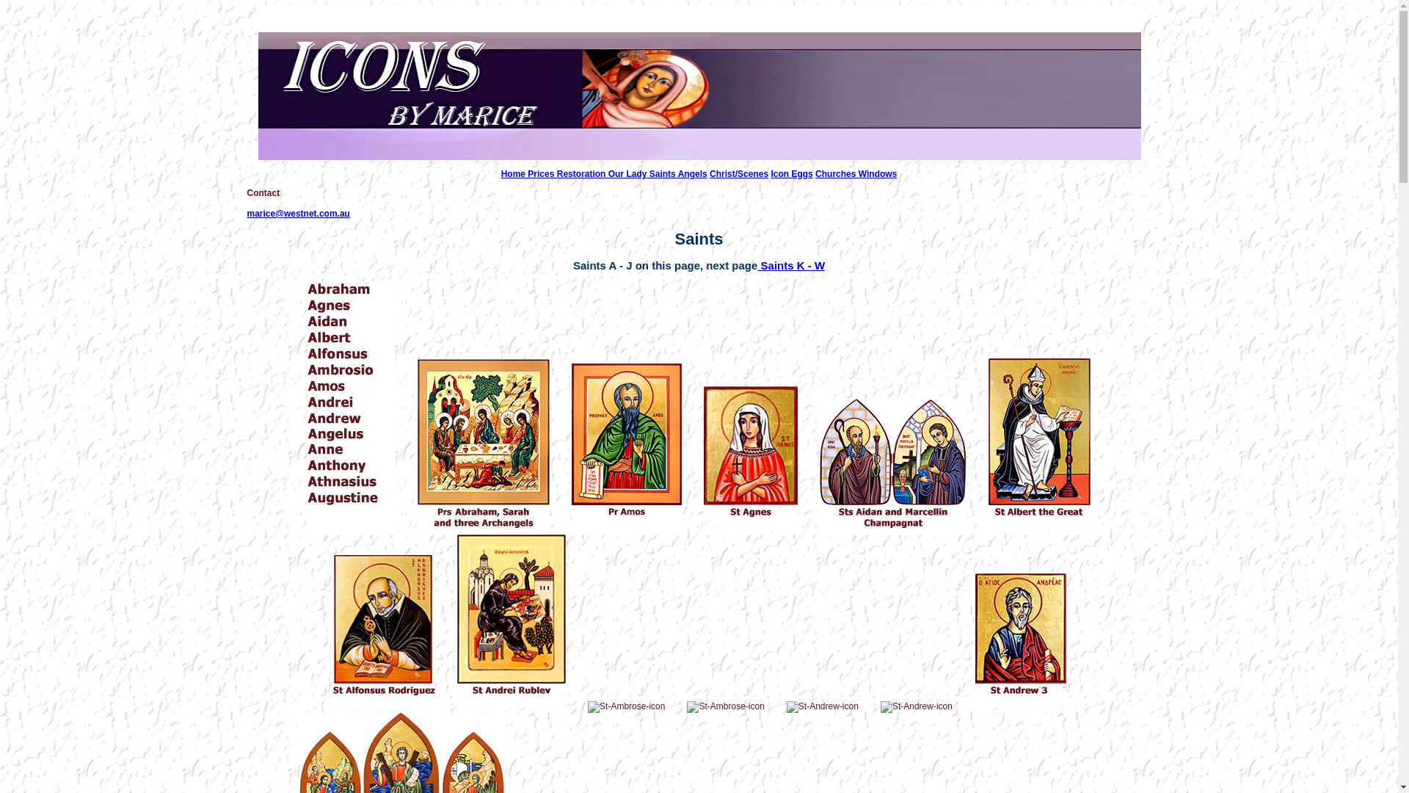 The width and height of the screenshot is (1409, 793). What do you see at coordinates (541, 173) in the screenshot?
I see `'Prices'` at bounding box center [541, 173].